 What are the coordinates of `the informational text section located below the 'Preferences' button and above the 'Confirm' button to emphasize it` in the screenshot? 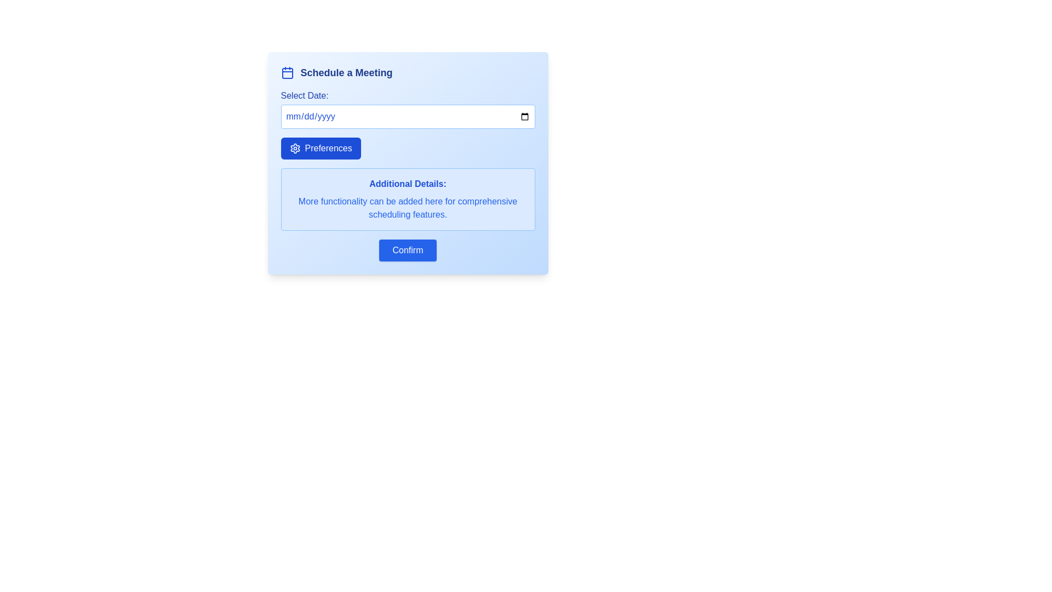 It's located at (407, 199).